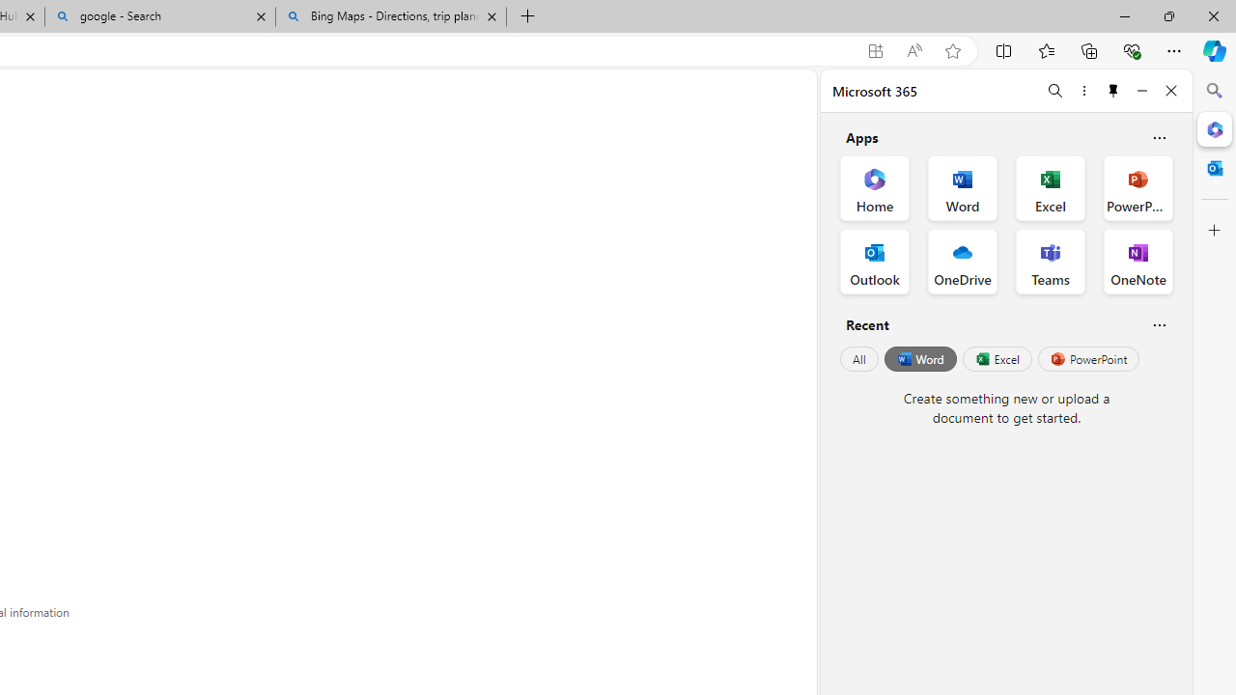 This screenshot has height=695, width=1236. I want to click on 'Excel Office App', so click(1050, 188).